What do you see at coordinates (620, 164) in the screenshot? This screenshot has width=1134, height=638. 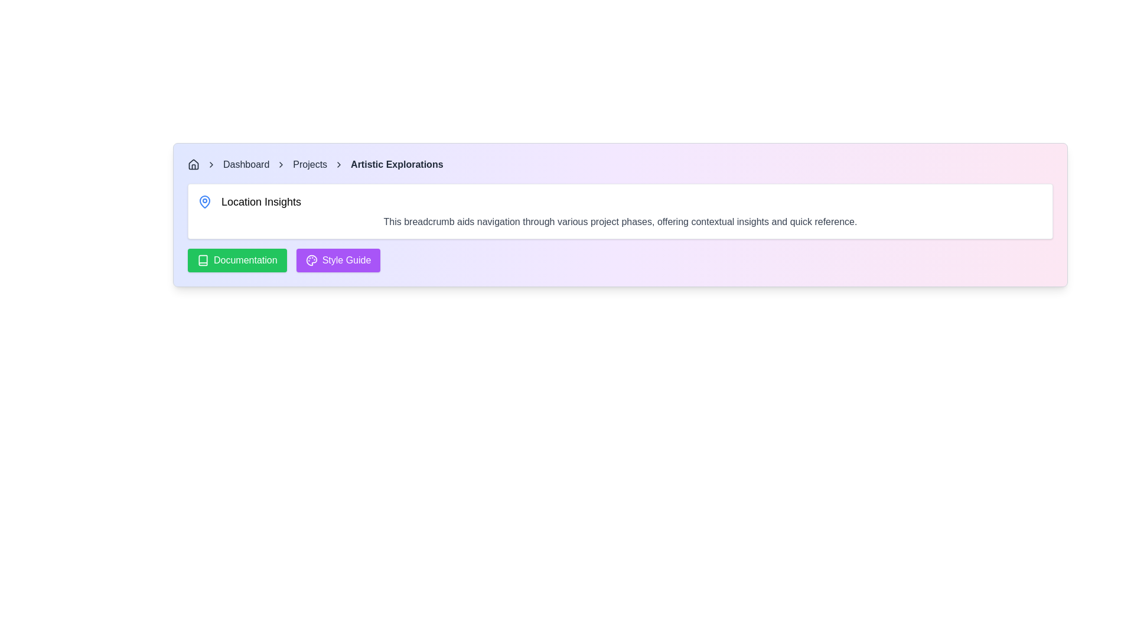 I see `the Breadcrumb navigation bar` at bounding box center [620, 164].